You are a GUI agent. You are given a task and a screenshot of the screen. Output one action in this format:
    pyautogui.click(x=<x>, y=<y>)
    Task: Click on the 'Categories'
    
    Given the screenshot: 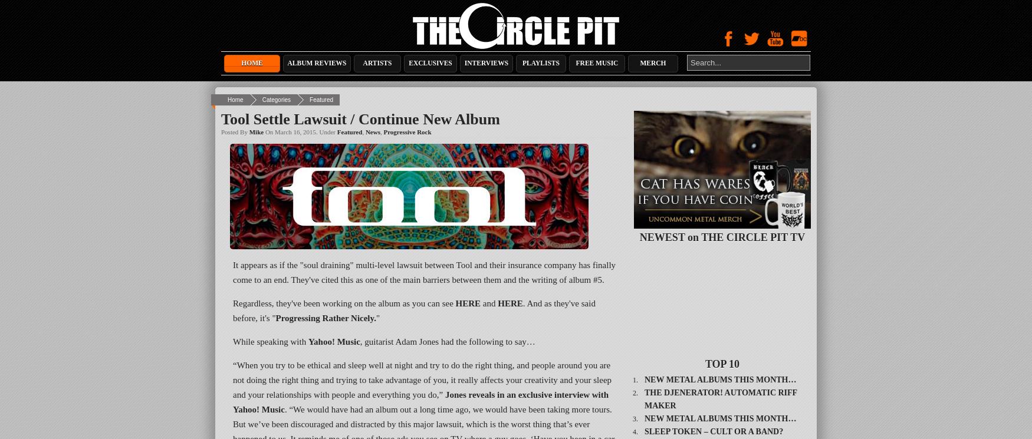 What is the action you would take?
    pyautogui.click(x=261, y=100)
    